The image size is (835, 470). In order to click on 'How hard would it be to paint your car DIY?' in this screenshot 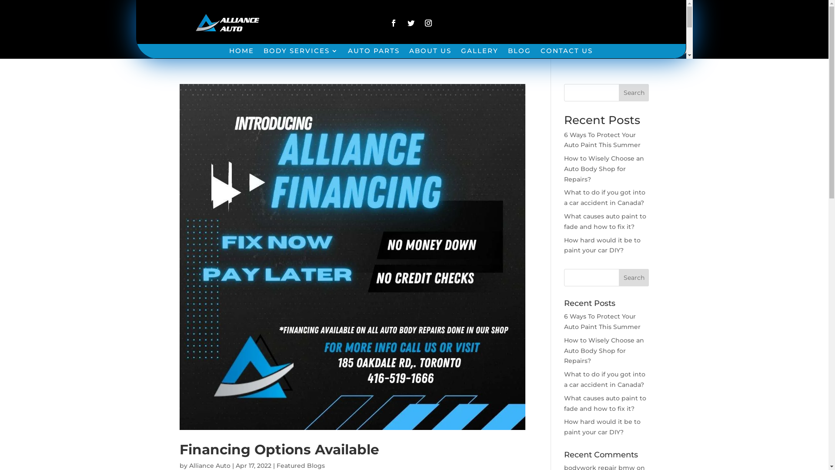, I will do `click(602, 426)`.